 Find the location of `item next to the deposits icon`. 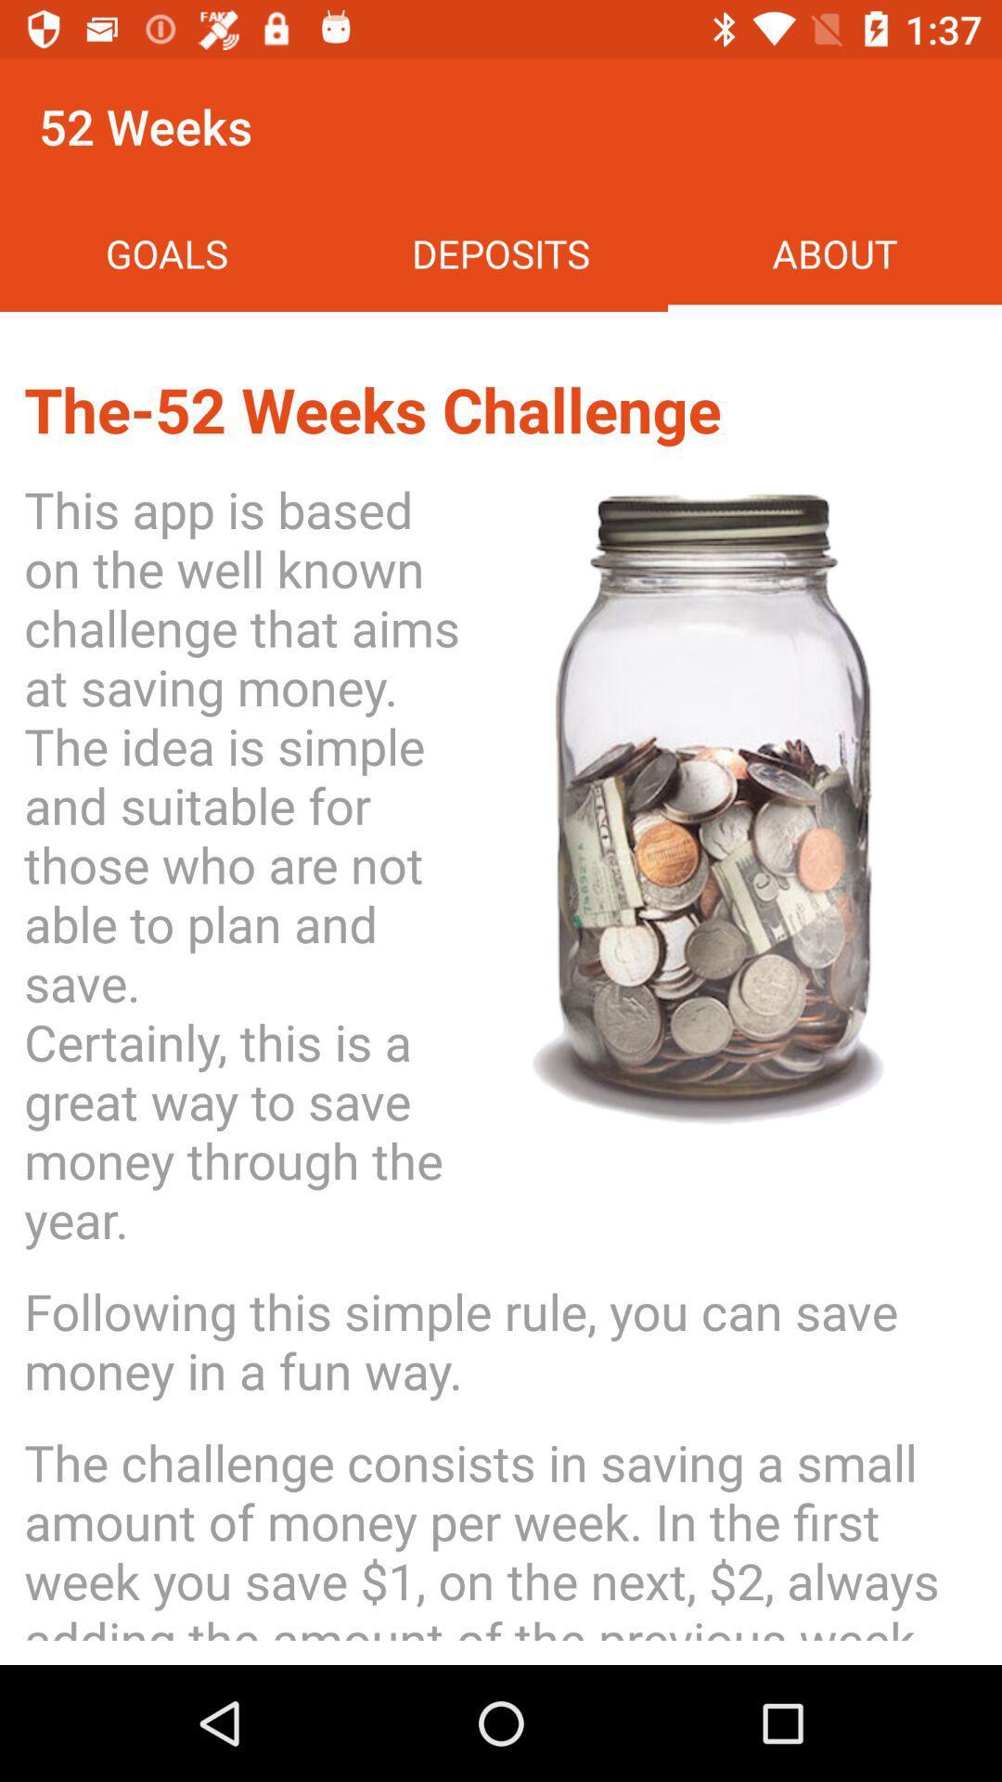

item next to the deposits icon is located at coordinates (833, 252).